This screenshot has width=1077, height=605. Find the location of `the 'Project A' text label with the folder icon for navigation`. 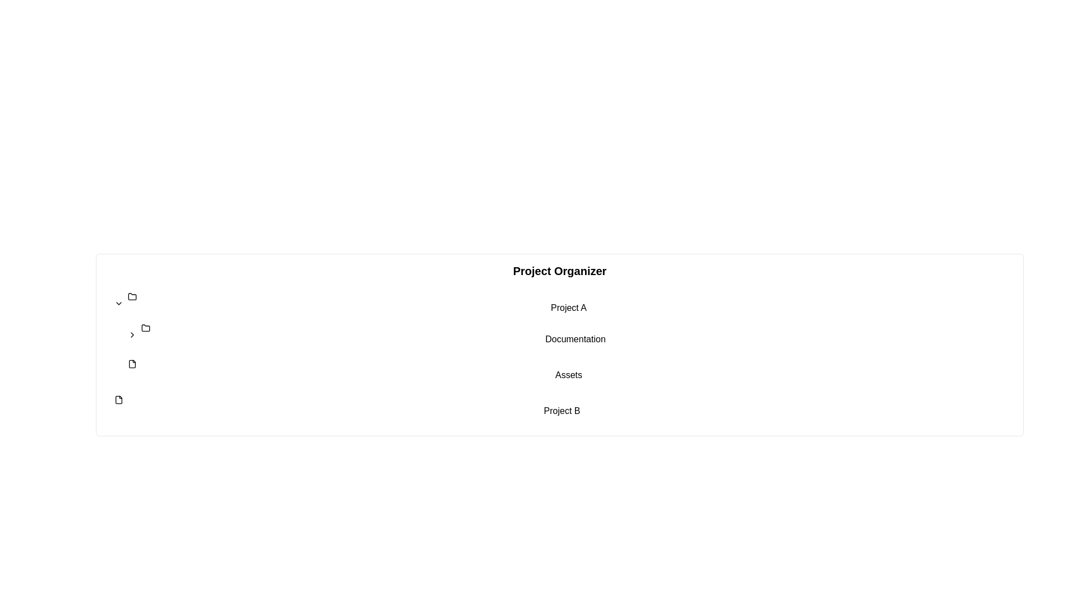

the 'Project A' text label with the folder icon for navigation is located at coordinates (568, 304).